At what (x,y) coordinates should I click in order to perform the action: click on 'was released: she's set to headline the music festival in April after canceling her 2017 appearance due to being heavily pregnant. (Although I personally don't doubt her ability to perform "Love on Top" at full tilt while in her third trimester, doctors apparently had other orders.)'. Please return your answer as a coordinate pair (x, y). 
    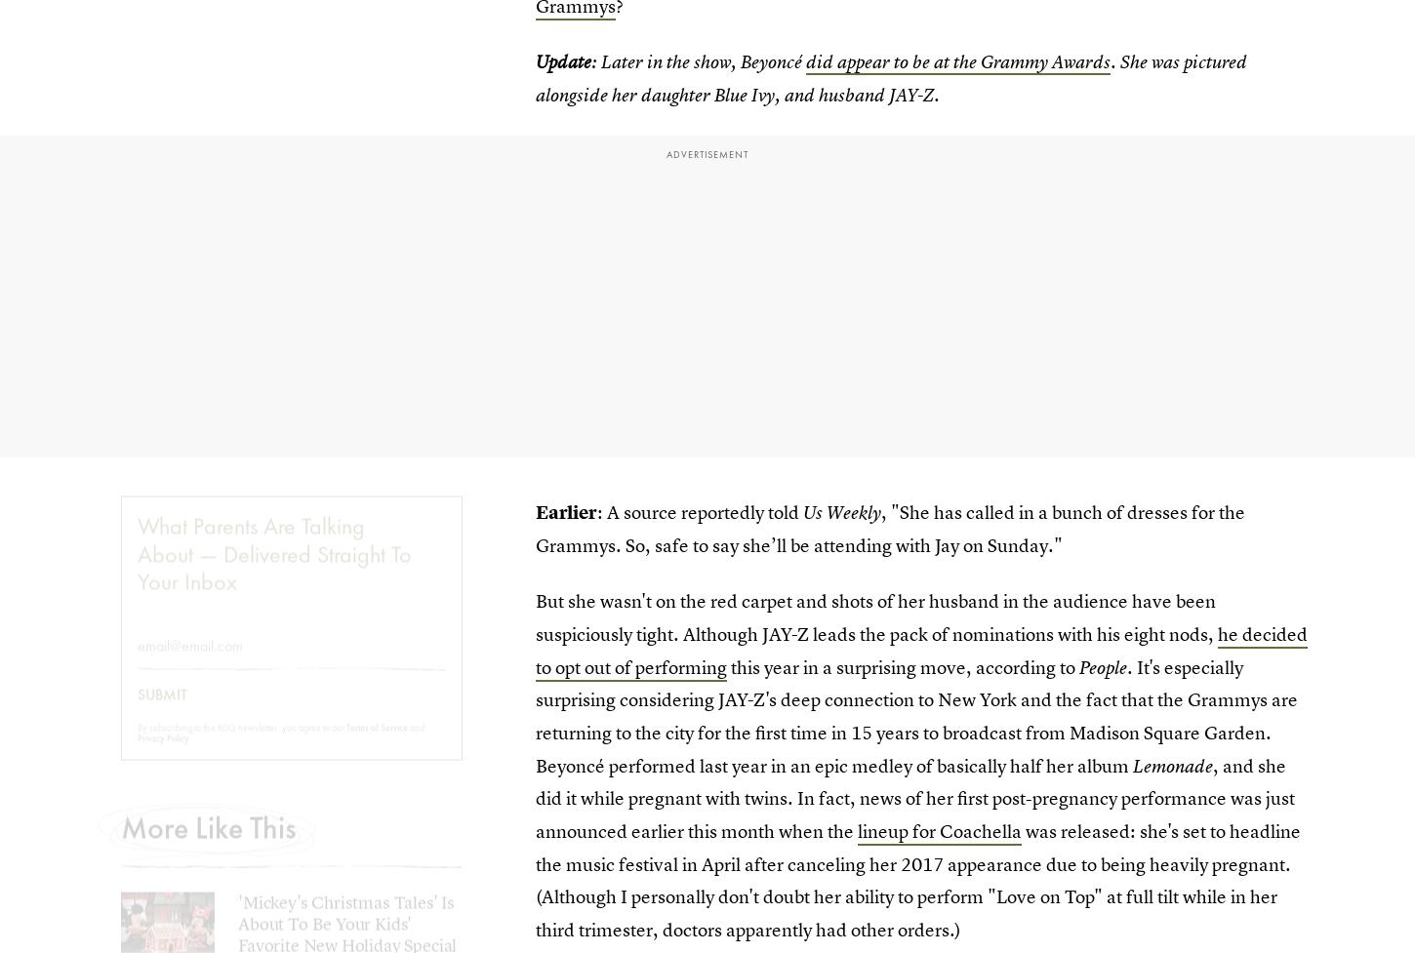
    Looking at the image, I should click on (917, 880).